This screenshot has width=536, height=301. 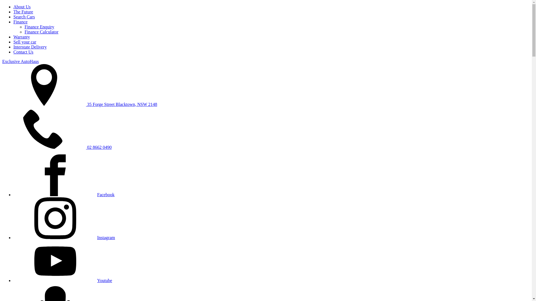 I want to click on 'Instagram', so click(x=64, y=237).